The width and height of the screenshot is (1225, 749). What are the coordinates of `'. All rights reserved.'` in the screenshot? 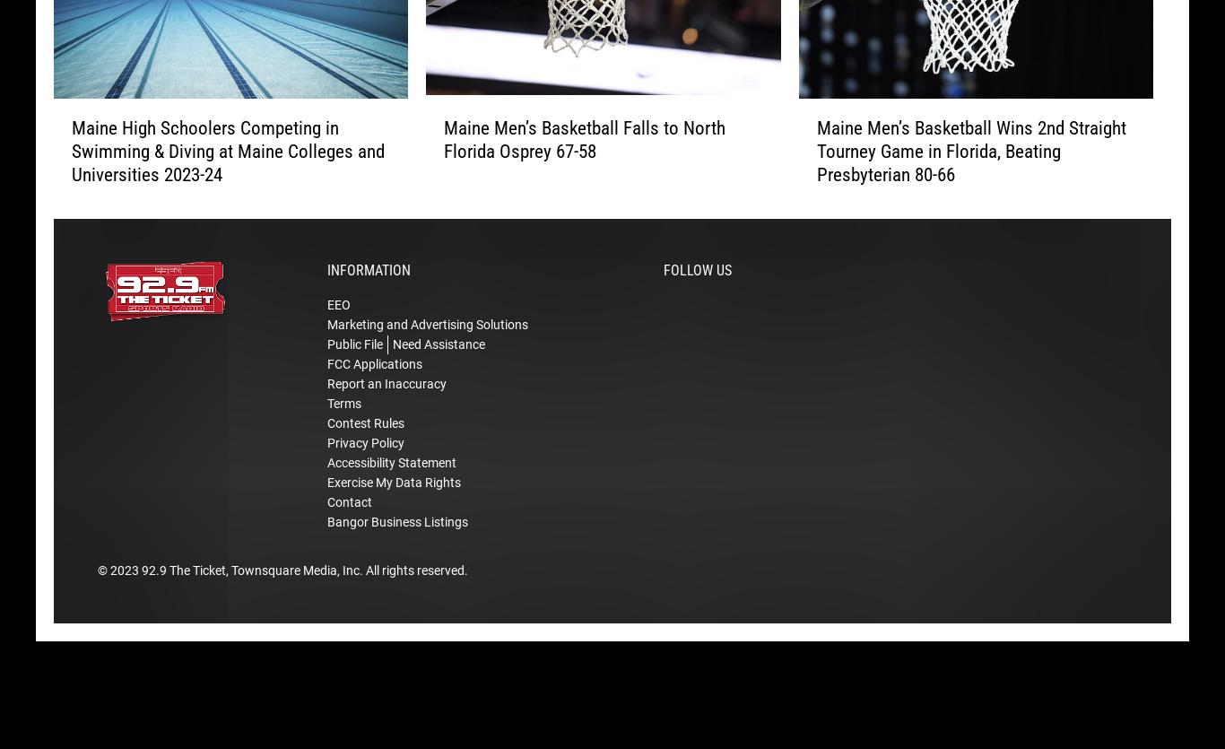 It's located at (413, 597).